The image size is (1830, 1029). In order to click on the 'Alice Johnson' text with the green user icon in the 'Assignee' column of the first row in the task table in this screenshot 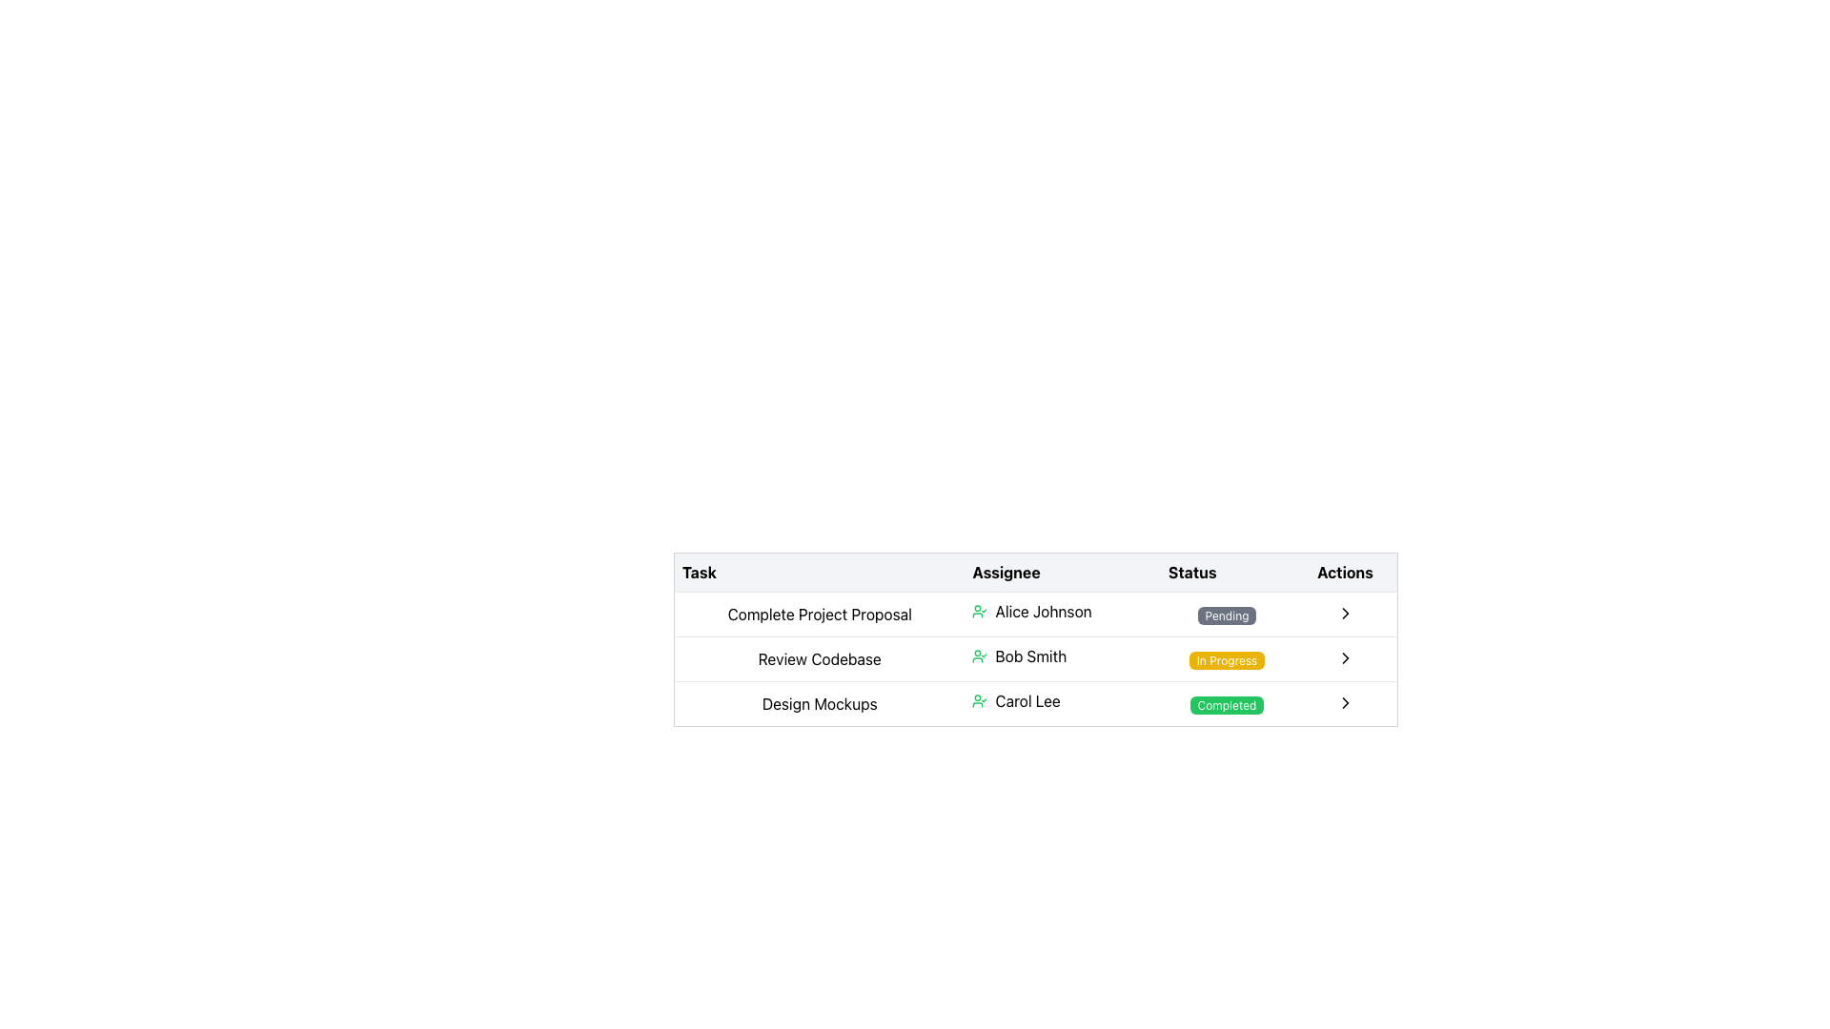, I will do `click(1062, 611)`.